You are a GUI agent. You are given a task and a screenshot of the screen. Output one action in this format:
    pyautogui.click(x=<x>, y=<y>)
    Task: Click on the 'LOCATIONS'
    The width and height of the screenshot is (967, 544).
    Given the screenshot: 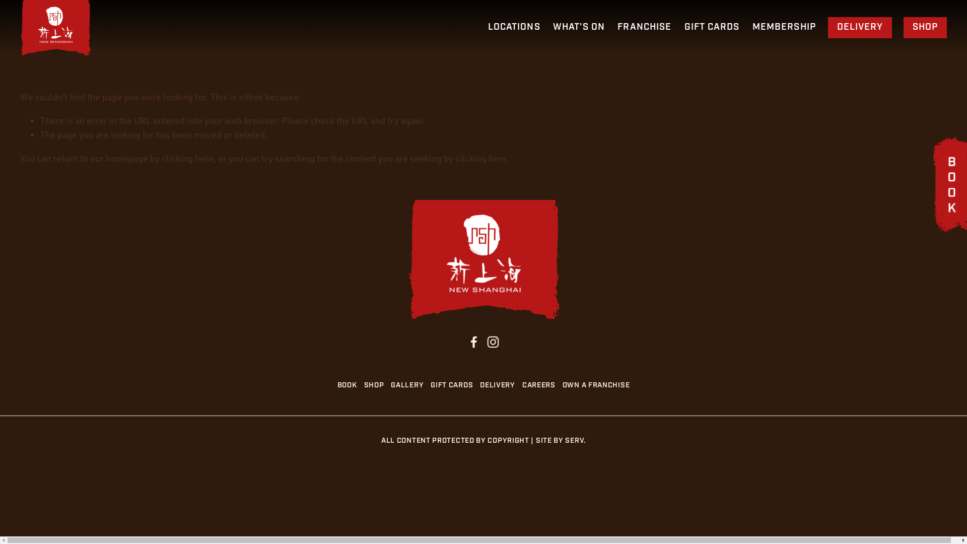 What is the action you would take?
    pyautogui.click(x=514, y=27)
    